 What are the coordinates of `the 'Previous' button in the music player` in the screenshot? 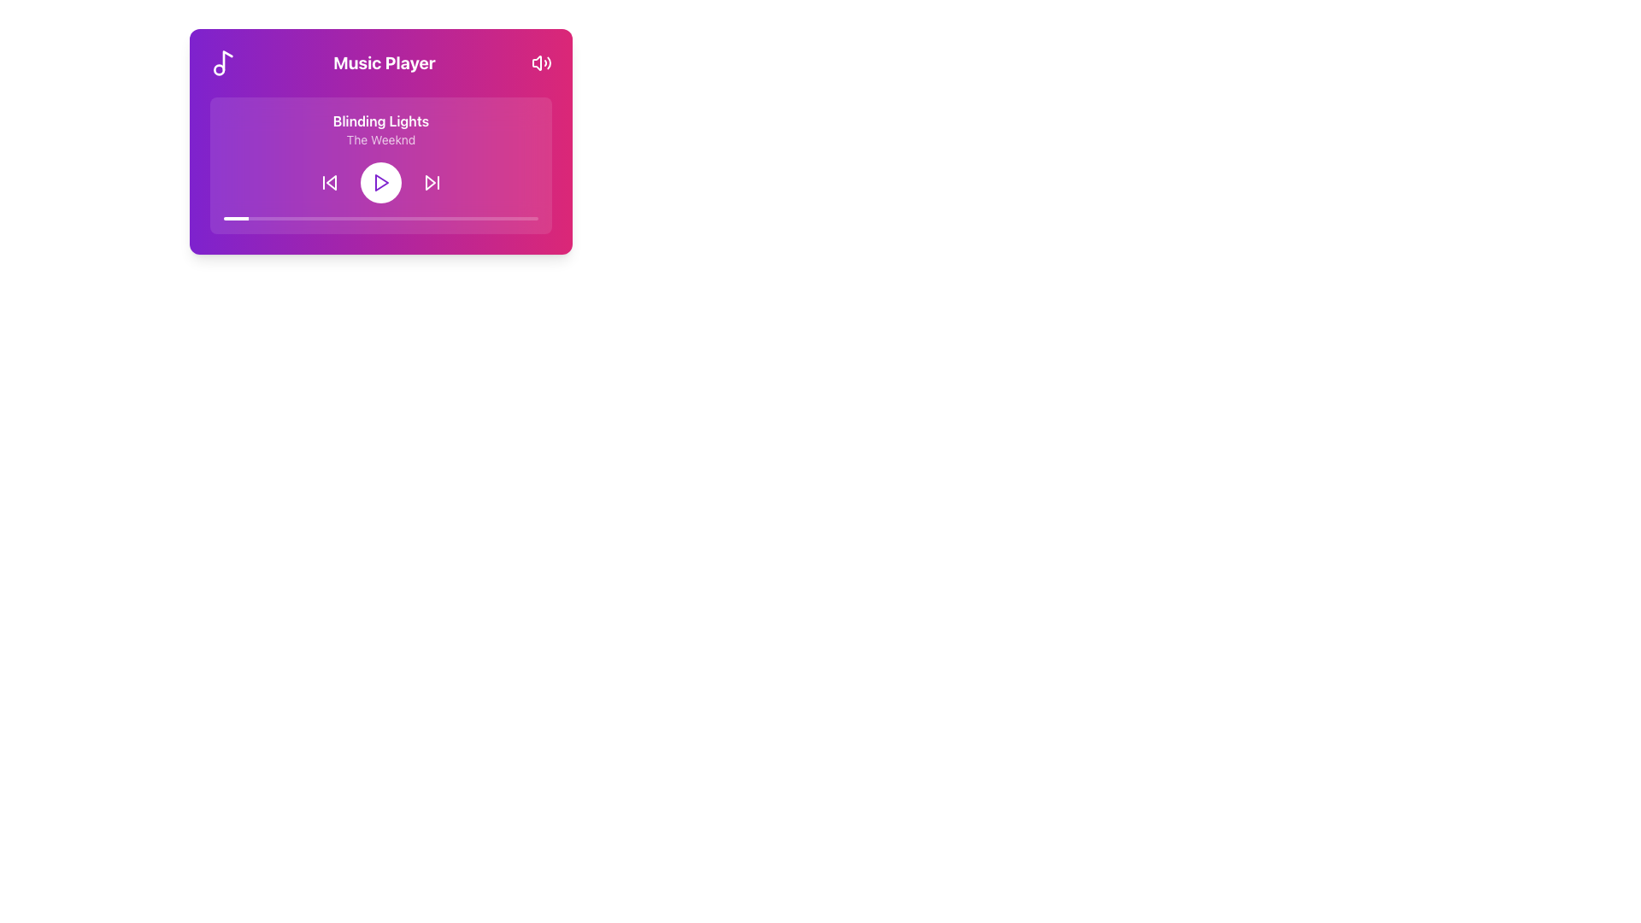 It's located at (332, 182).